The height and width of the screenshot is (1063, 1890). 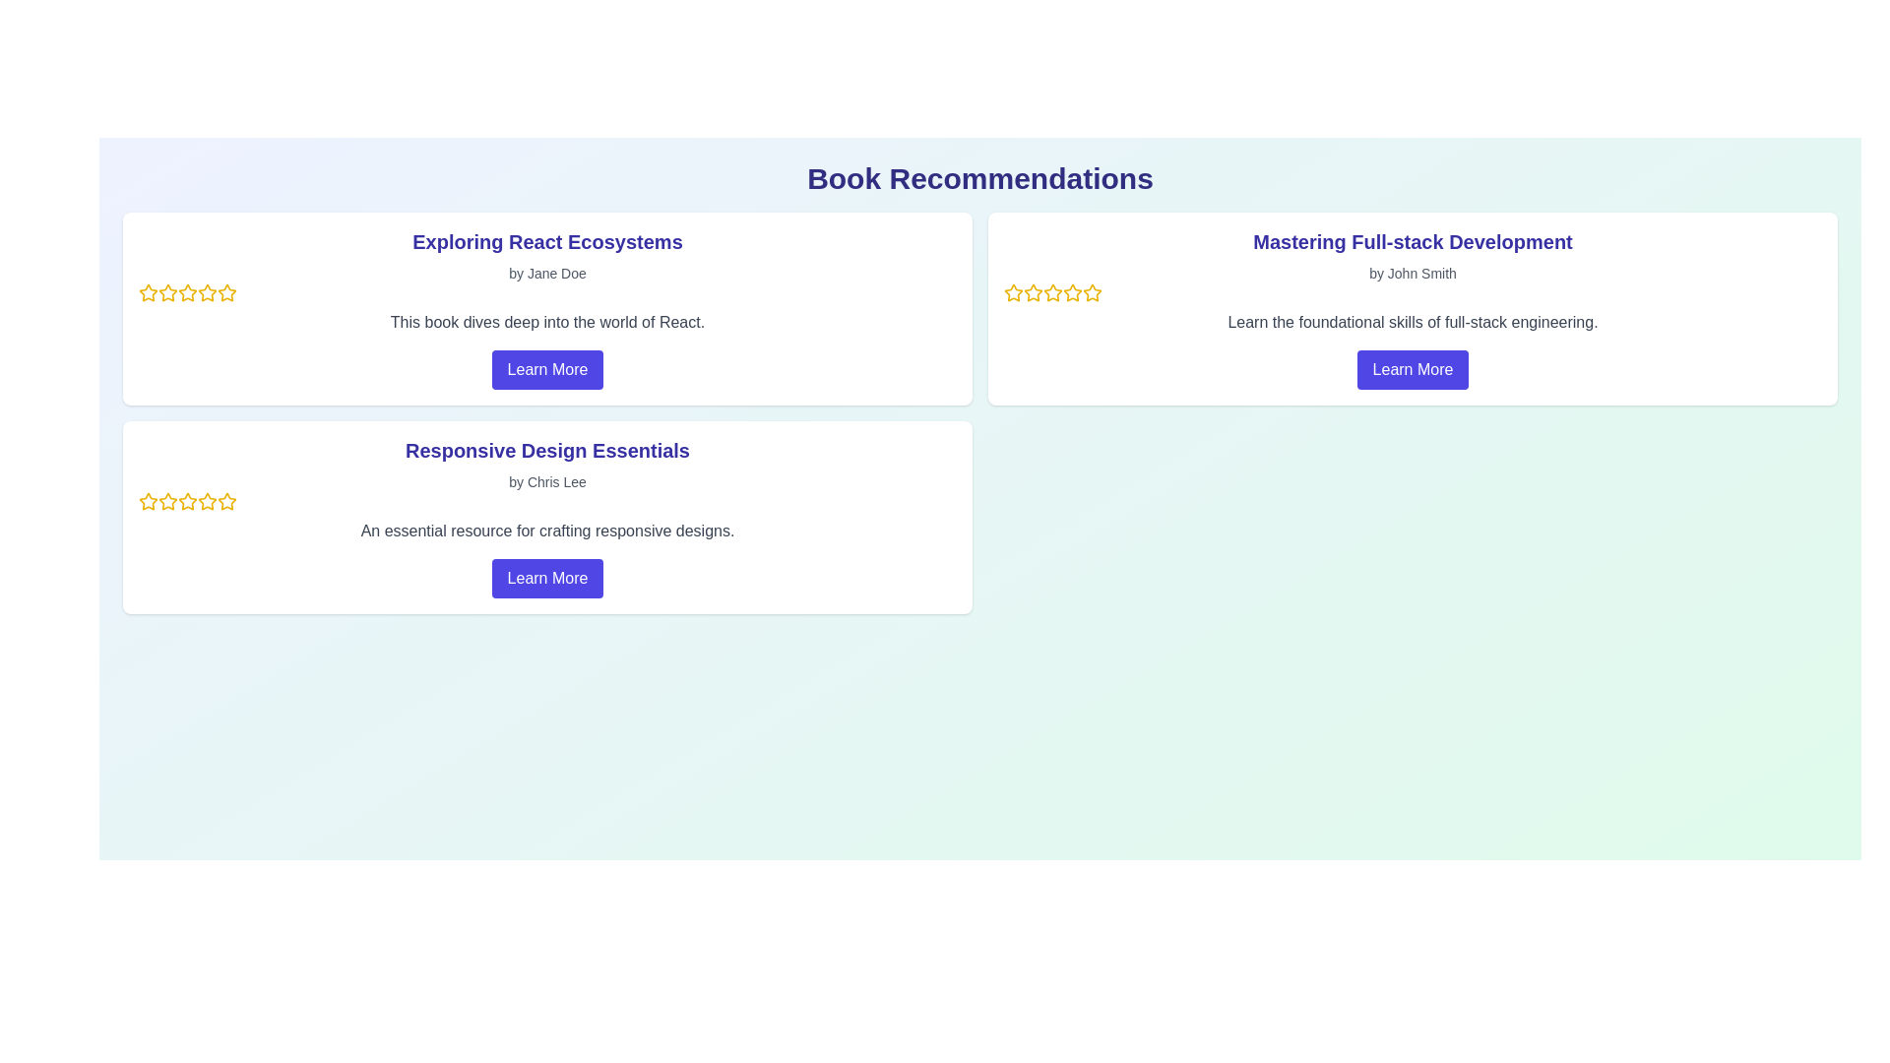 What do you see at coordinates (208, 500) in the screenshot?
I see `the second yellow star icon in the rating system under the header 'Responsive Design Essentials'` at bounding box center [208, 500].